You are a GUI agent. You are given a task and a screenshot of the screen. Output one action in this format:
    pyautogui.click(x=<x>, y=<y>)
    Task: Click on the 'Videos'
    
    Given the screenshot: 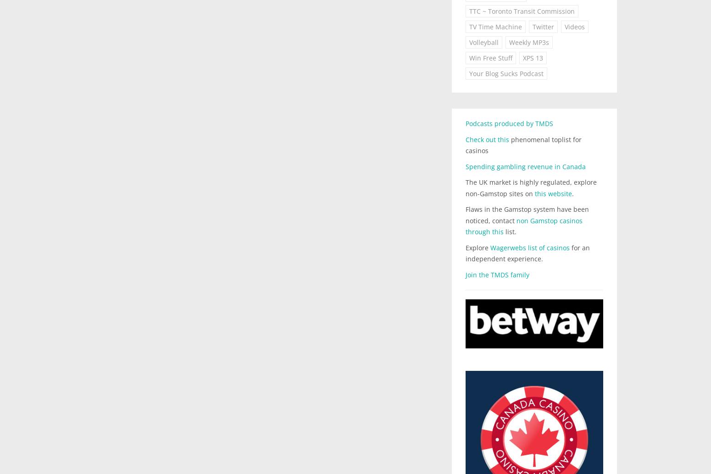 What is the action you would take?
    pyautogui.click(x=574, y=27)
    